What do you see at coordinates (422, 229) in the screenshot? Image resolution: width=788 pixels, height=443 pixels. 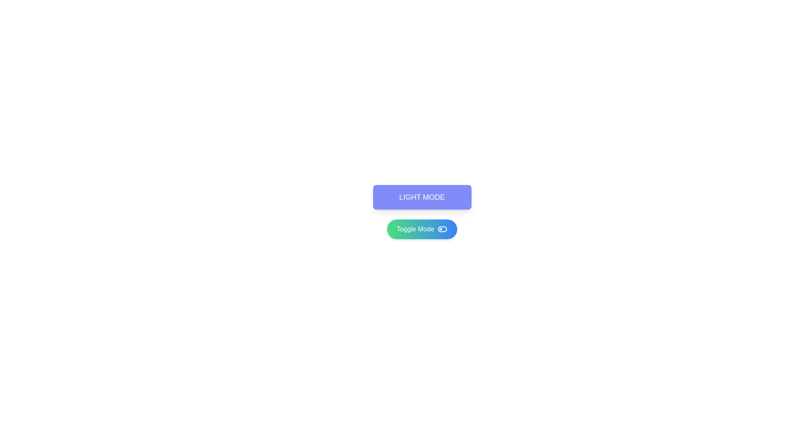 I see `'Toggle Mode' button to switch the mode` at bounding box center [422, 229].